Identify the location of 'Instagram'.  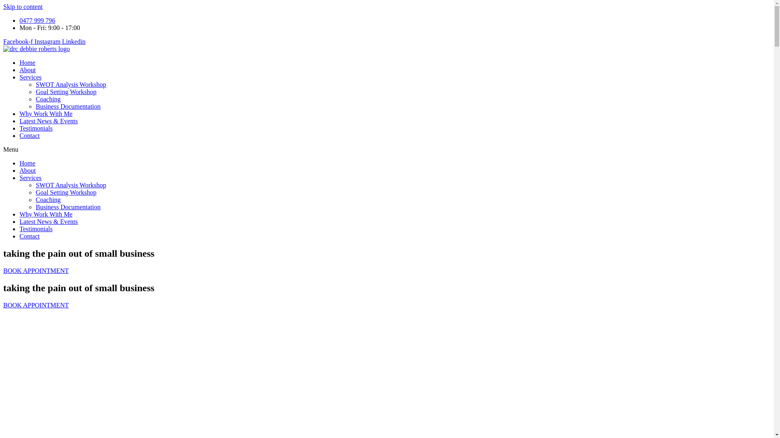
(48, 41).